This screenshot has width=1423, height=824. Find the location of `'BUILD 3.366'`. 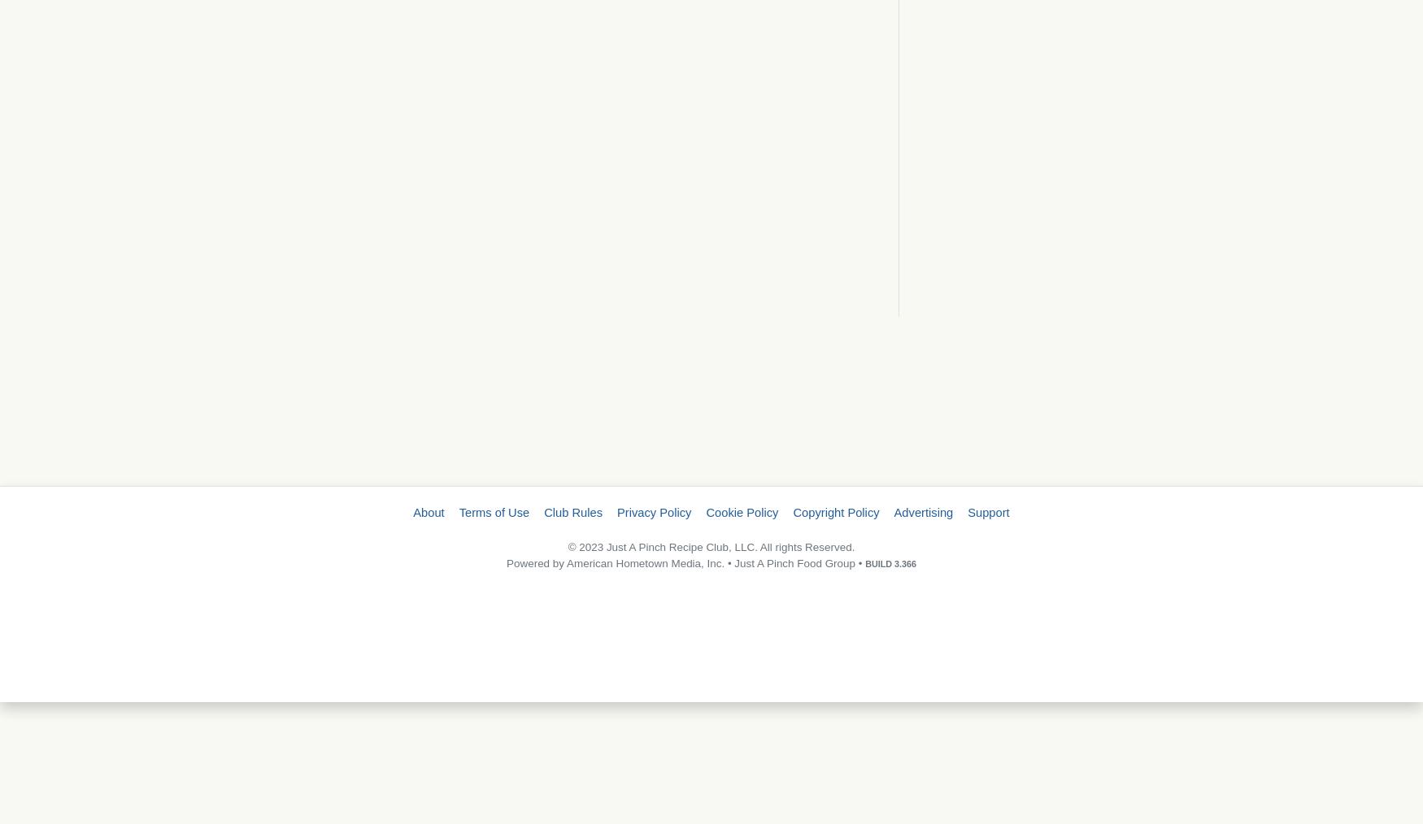

'BUILD 3.366' is located at coordinates (890, 562).